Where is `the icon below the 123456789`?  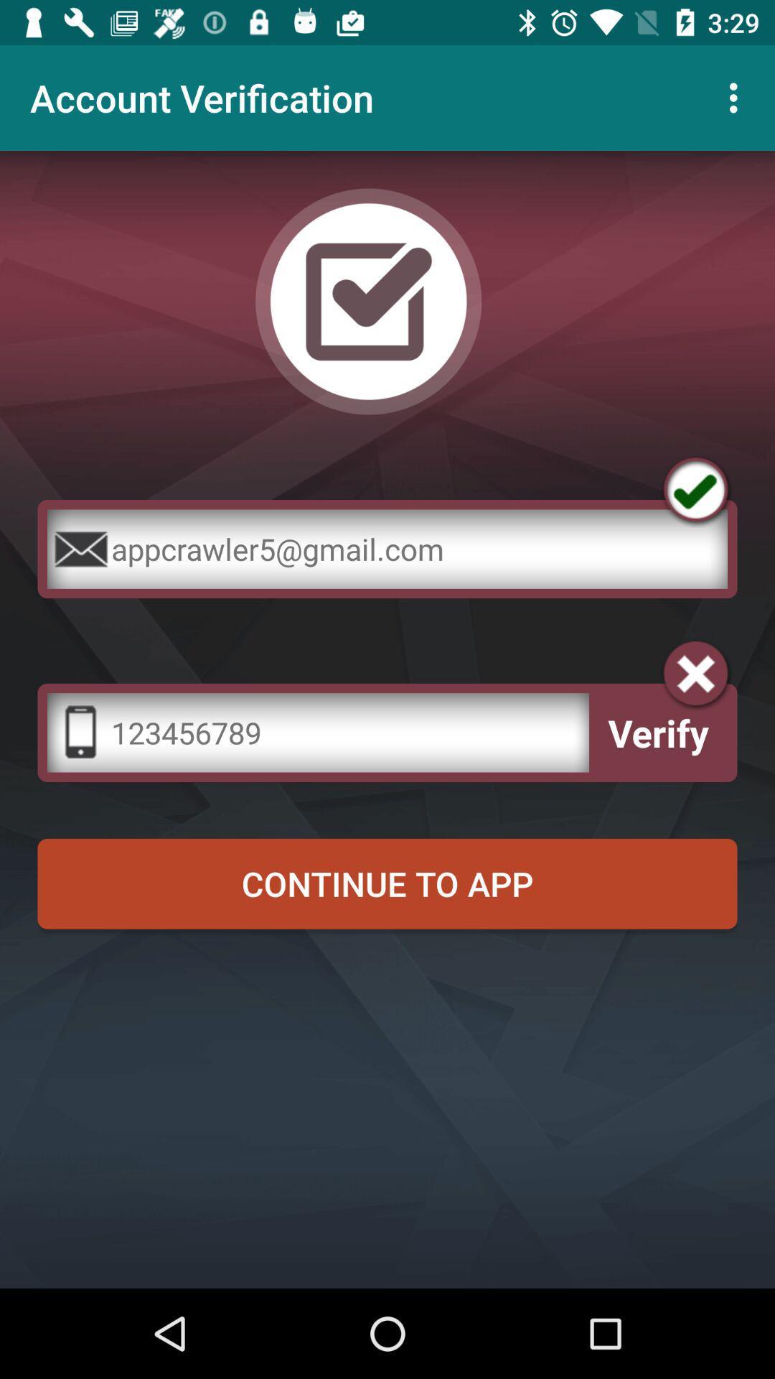
the icon below the 123456789 is located at coordinates (387, 883).